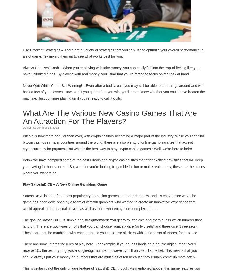 The width and height of the screenshot is (228, 272). What do you see at coordinates (114, 91) in the screenshot?
I see `'Never Quit While You’re Still Winning! – Even after a bad streak, you may still be able to turn things around and win back a few of your losses. However, if you quit before you win, you’ll never know whether you could have beaten the machine. Just continue playing until you’re ready to call it quits.'` at bounding box center [114, 91].